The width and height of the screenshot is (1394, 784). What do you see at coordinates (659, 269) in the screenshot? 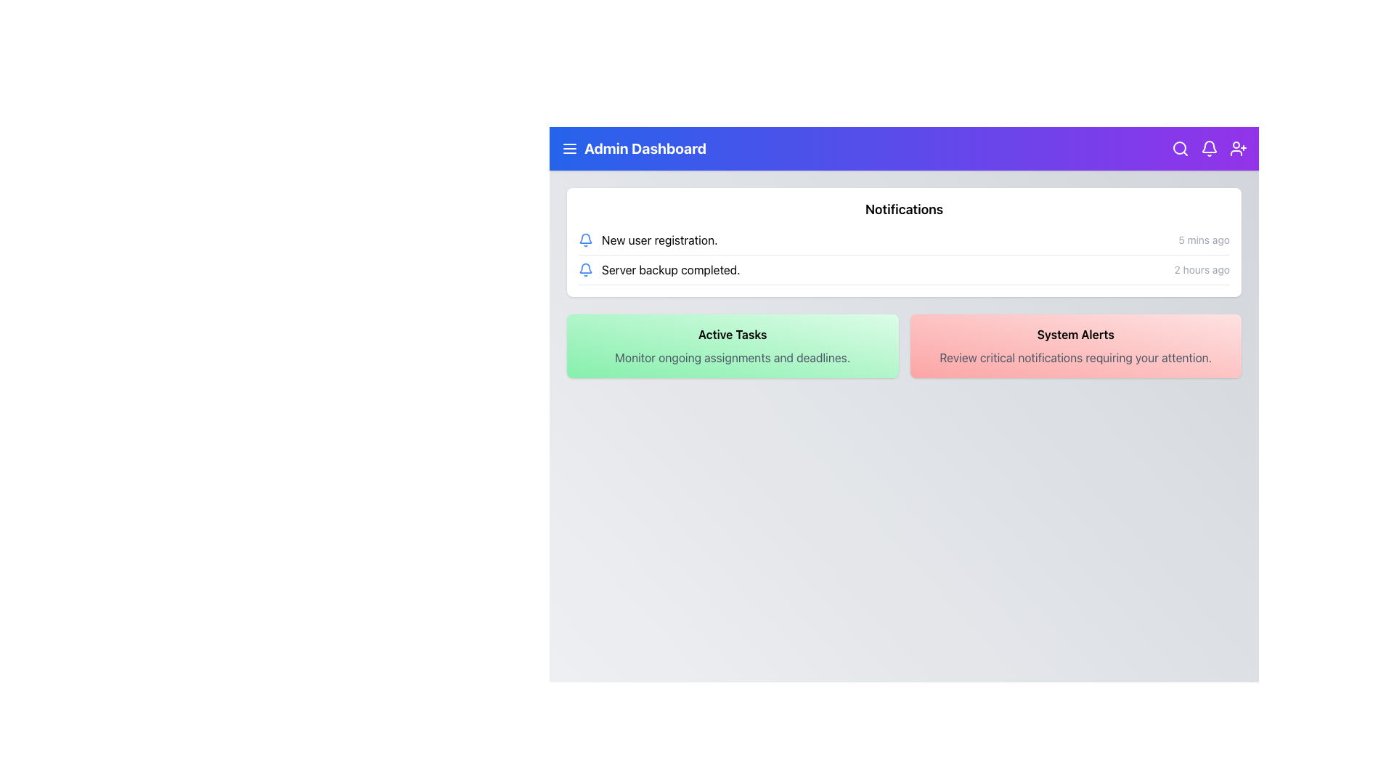
I see `notification indicating that a server backup has been successfully completed, located in the second row of notifications in the 'Notifications' section, to the left of the time indication ('2 hours ago')` at bounding box center [659, 269].